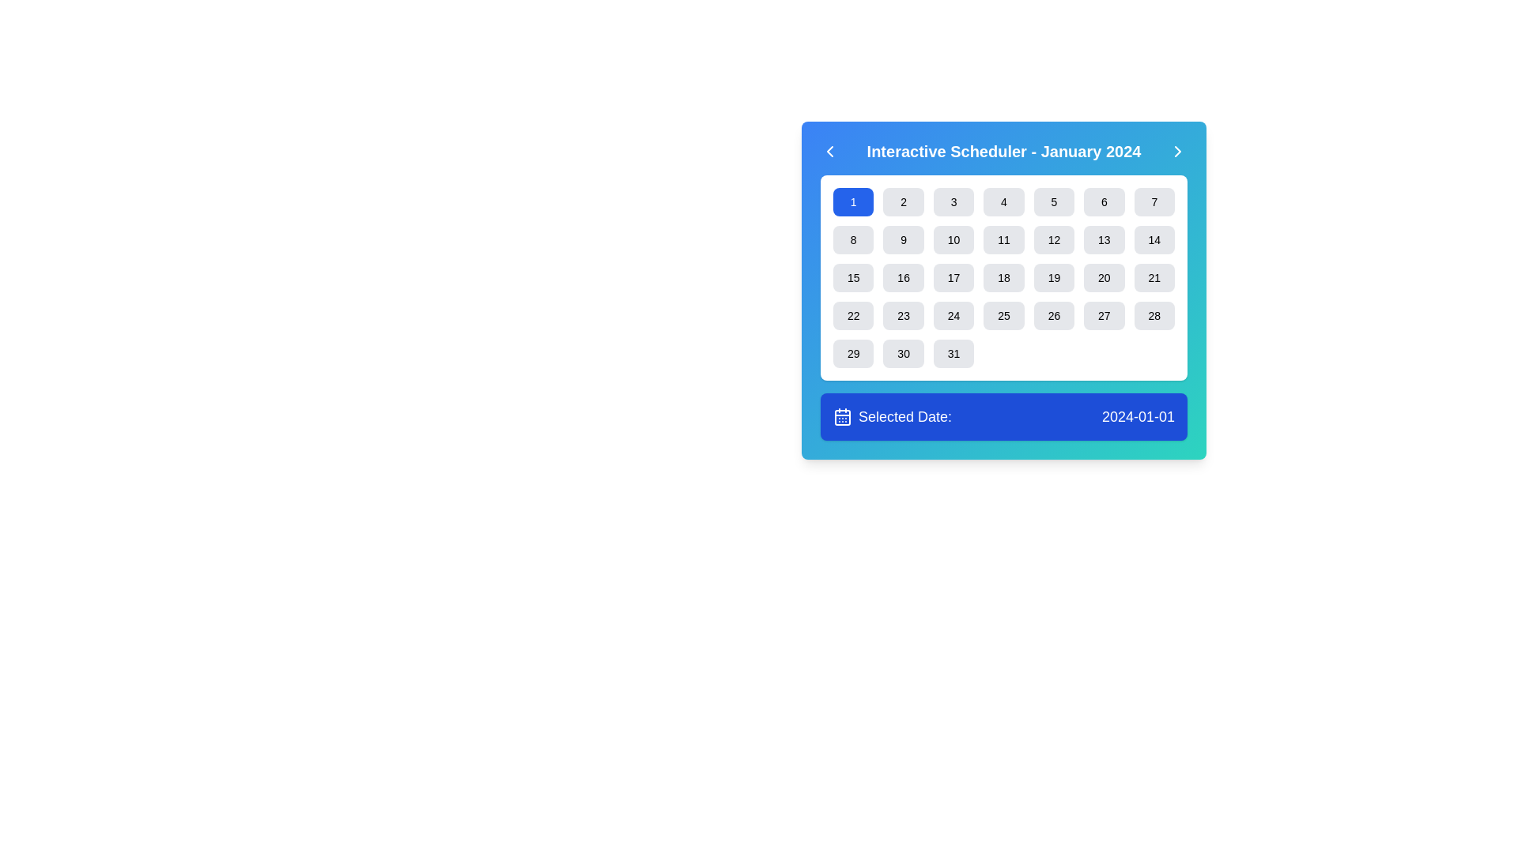 The height and width of the screenshot is (853, 1518). Describe the element at coordinates (1003, 152) in the screenshot. I see `the static text header displaying 'Interactive Scheduler - January 2024' located at the top of the widget, centered between navigation arrow icons` at that location.